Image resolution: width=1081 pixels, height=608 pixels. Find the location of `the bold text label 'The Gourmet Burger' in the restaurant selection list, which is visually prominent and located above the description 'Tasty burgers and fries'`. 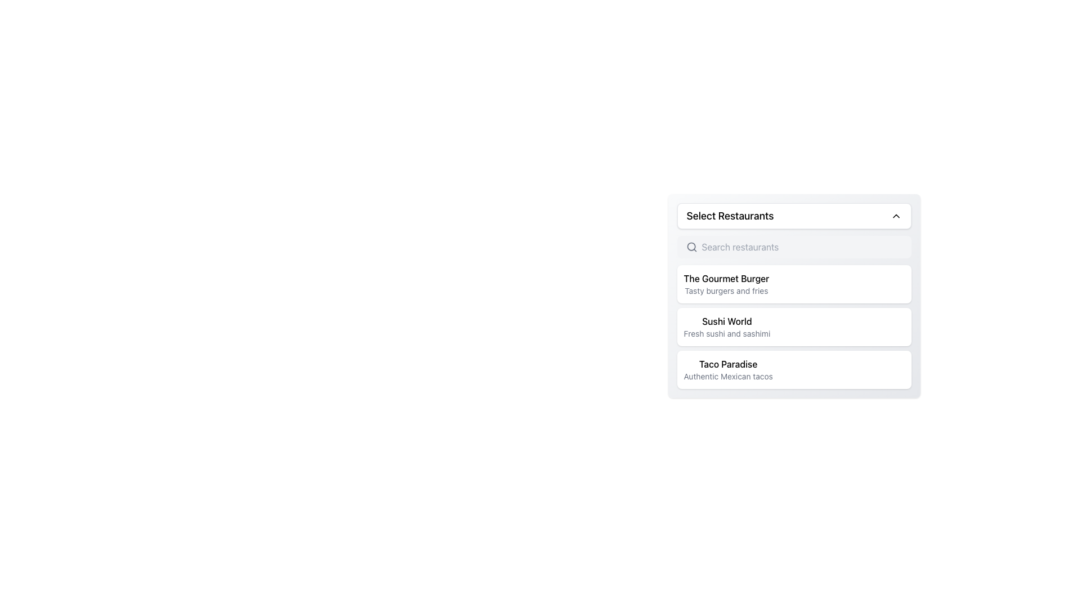

the bold text label 'The Gourmet Burger' in the restaurant selection list, which is visually prominent and located above the description 'Tasty burgers and fries' is located at coordinates (726, 278).